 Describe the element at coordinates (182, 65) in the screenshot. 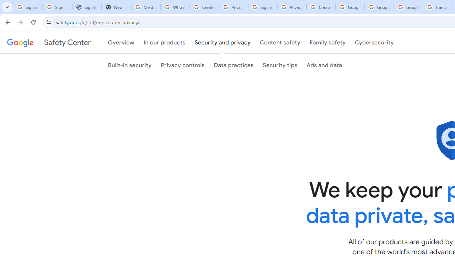

I see `'Privacy controls'` at that location.